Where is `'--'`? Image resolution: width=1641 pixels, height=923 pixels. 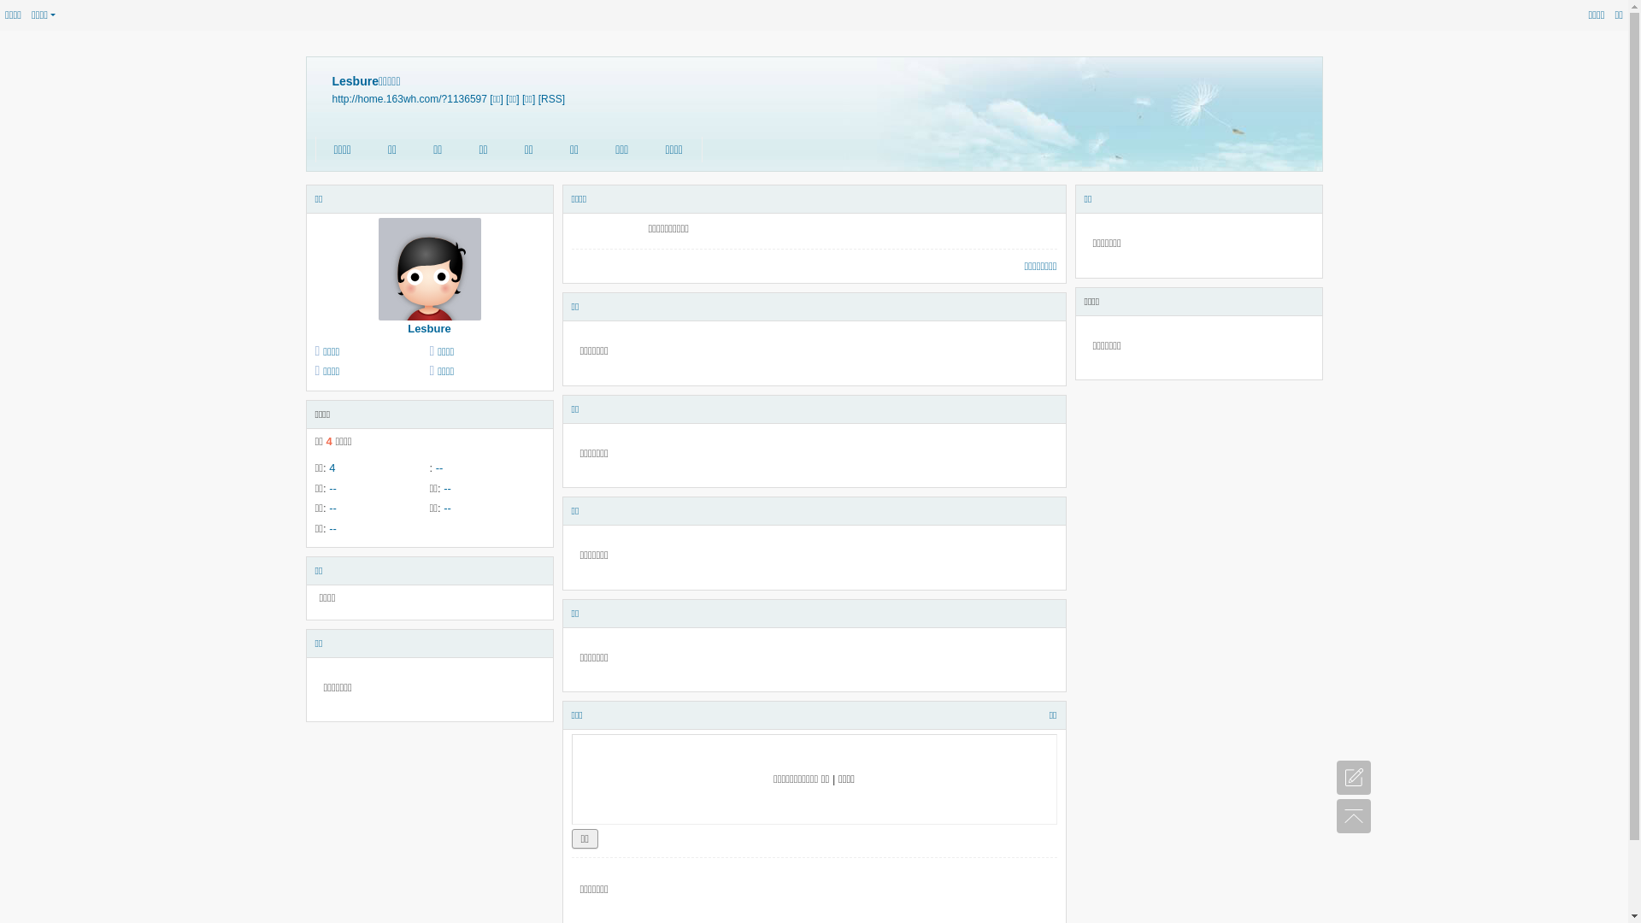 '--' is located at coordinates (332, 526).